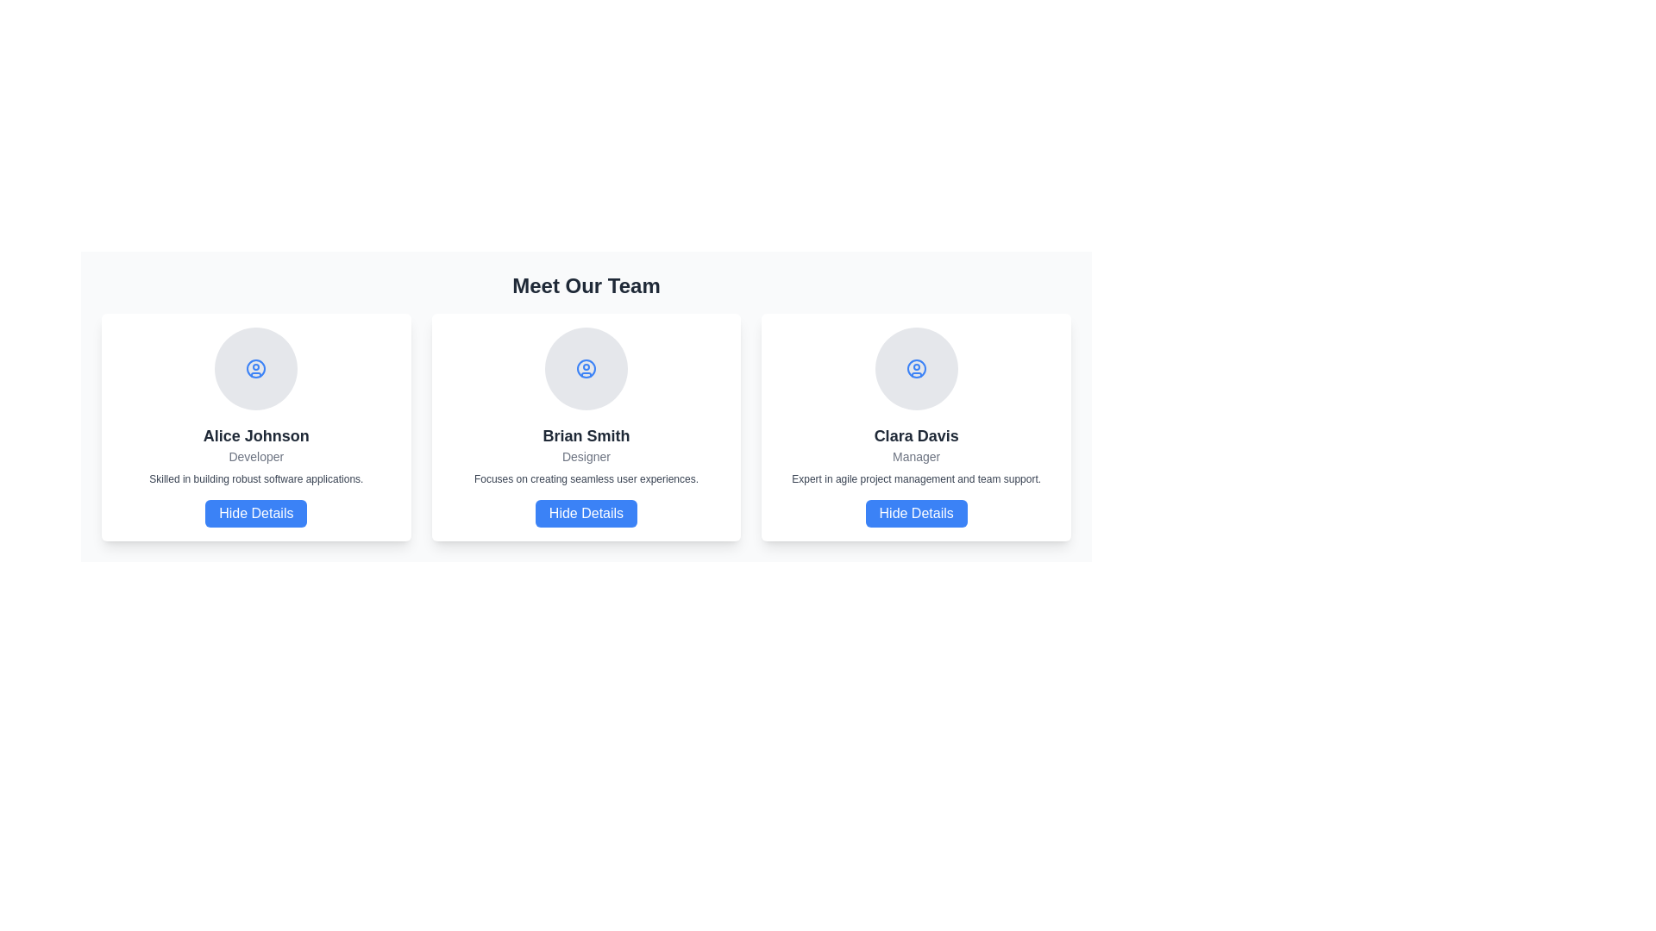 Image resolution: width=1656 pixels, height=931 pixels. Describe the element at coordinates (255, 513) in the screenshot. I see `the button at the bottom of the visual card displaying information about Alice Johnson, a Developer, to hide additional details` at that location.